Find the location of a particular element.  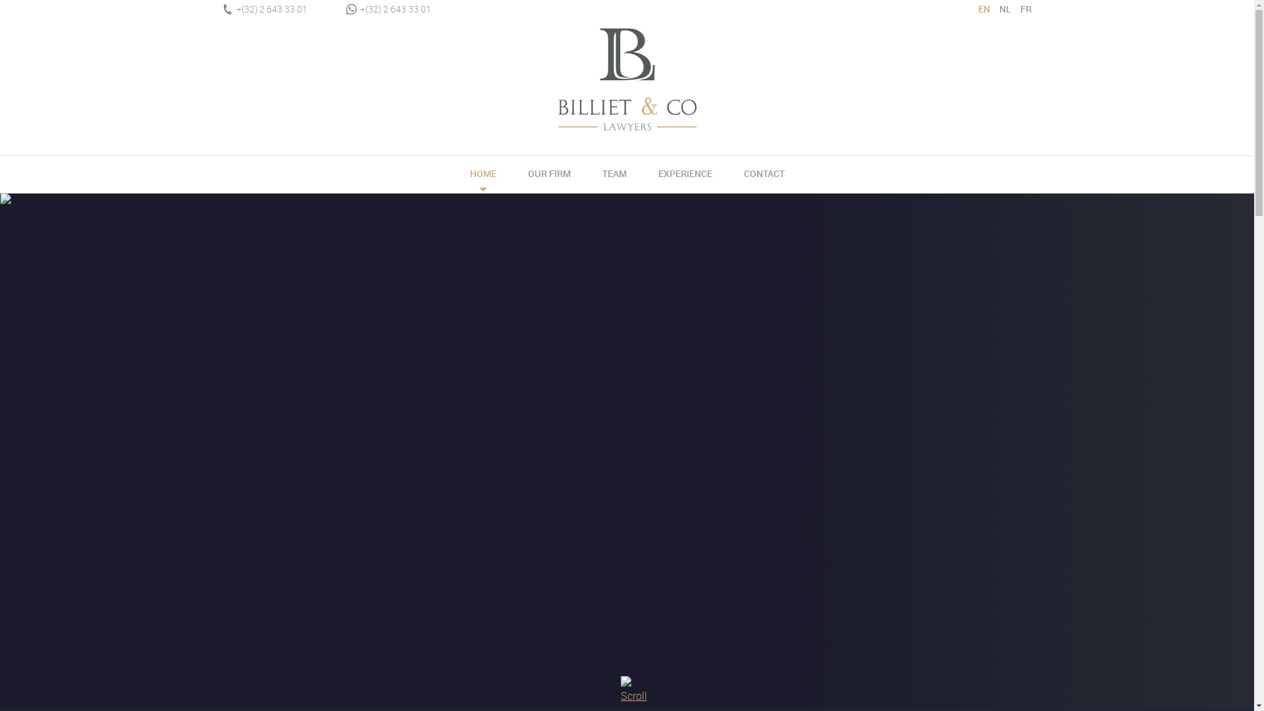

'HOME' is located at coordinates (455, 172).